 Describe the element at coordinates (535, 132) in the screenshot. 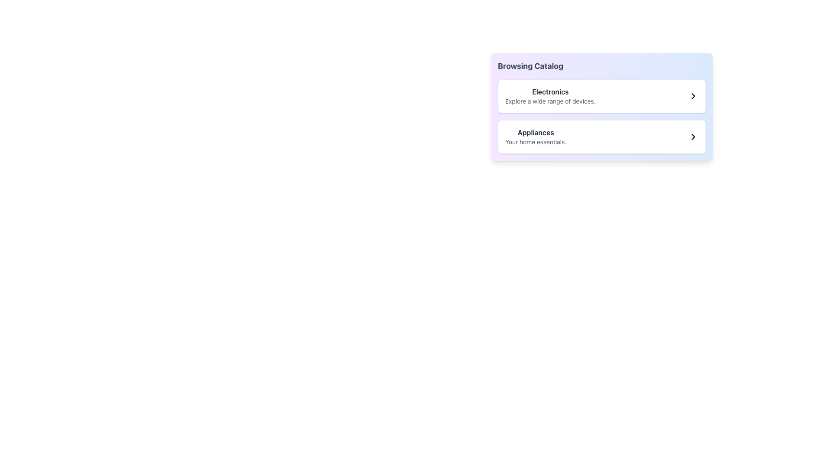

I see `text content of the 'Appliances' category title located within the content card under the 'Browsing Catalog' header, above the 'Your home essentials.' text` at that location.